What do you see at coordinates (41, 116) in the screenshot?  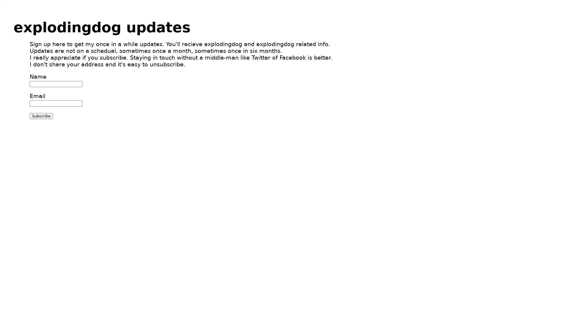 I see `Subscribe` at bounding box center [41, 116].